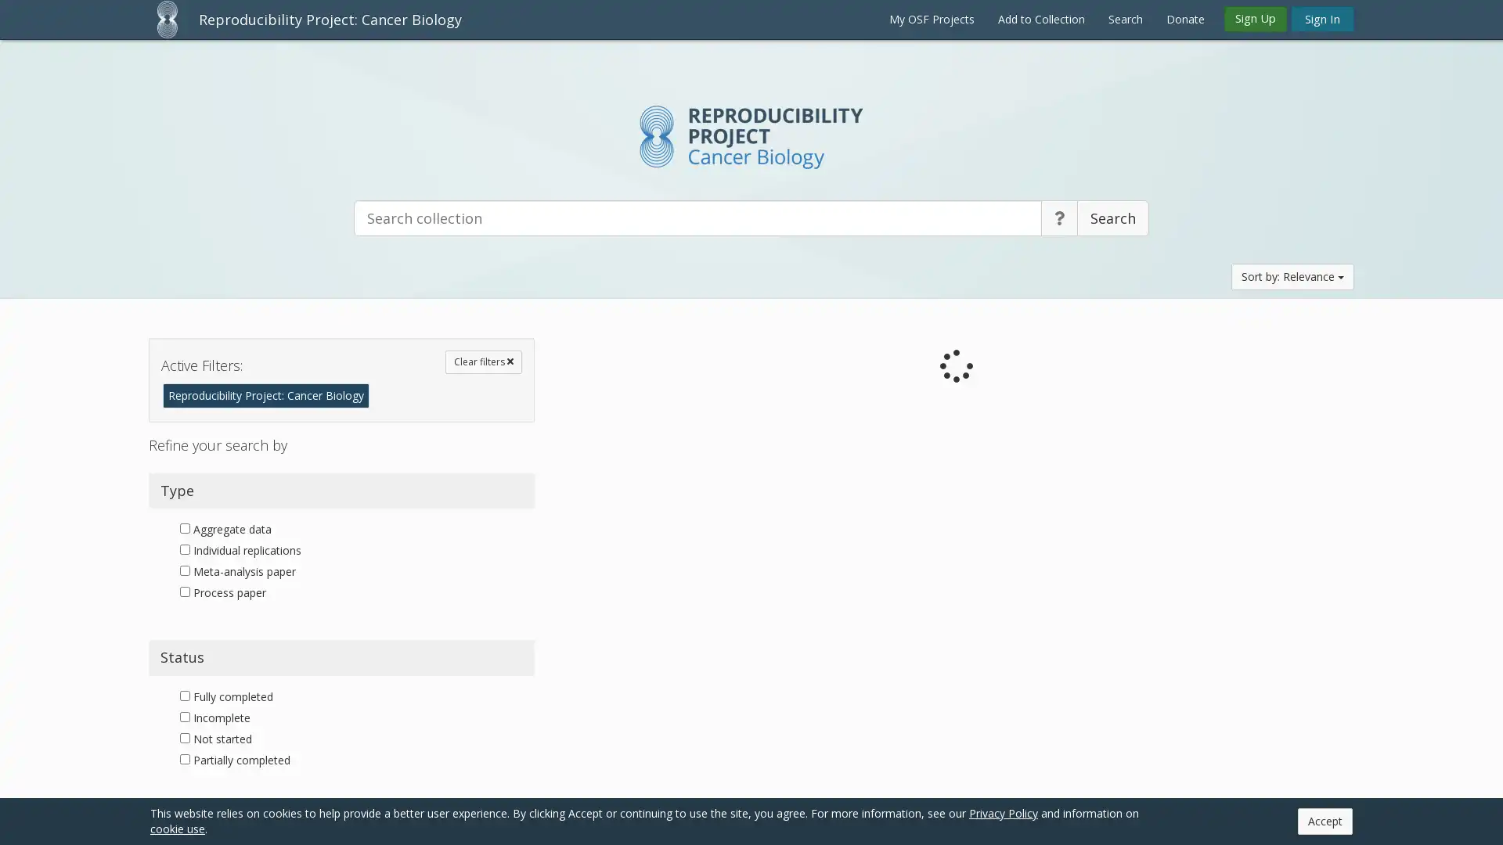  What do you see at coordinates (1325, 820) in the screenshot?
I see `Accept` at bounding box center [1325, 820].